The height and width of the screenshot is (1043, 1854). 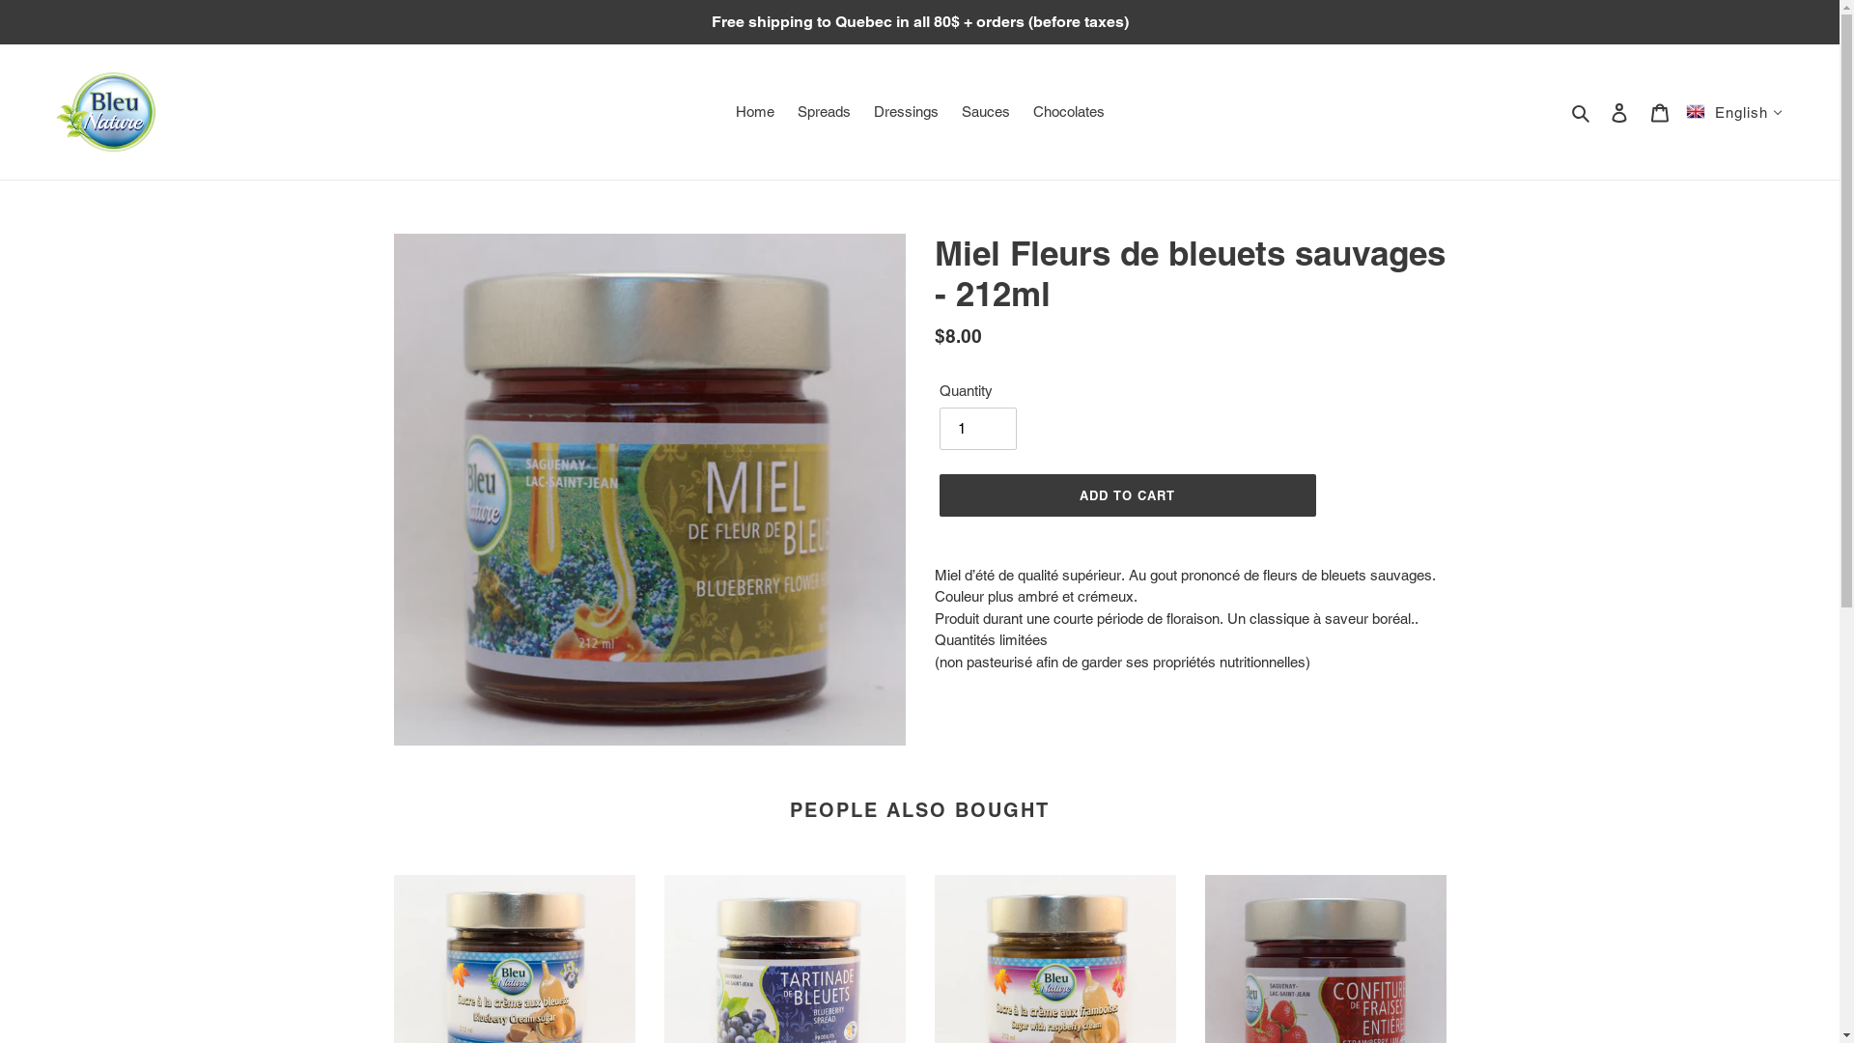 I want to click on 'Sauces', so click(x=986, y=112).